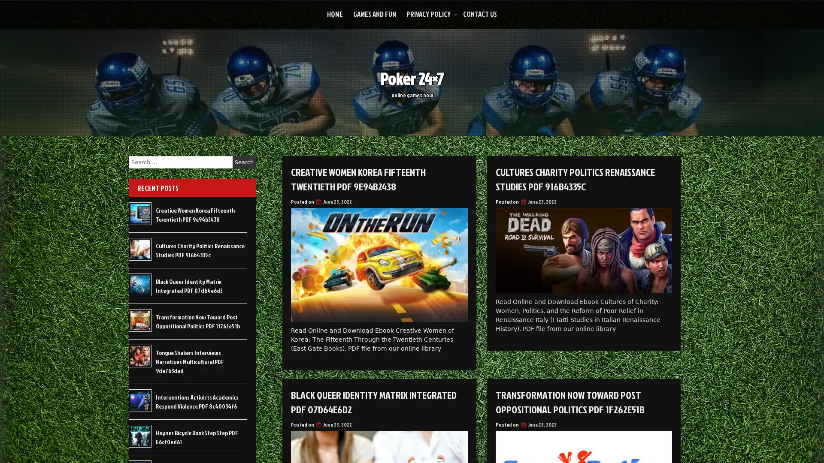 The image size is (824, 463). Describe the element at coordinates (244, 162) in the screenshot. I see `Search` at that location.